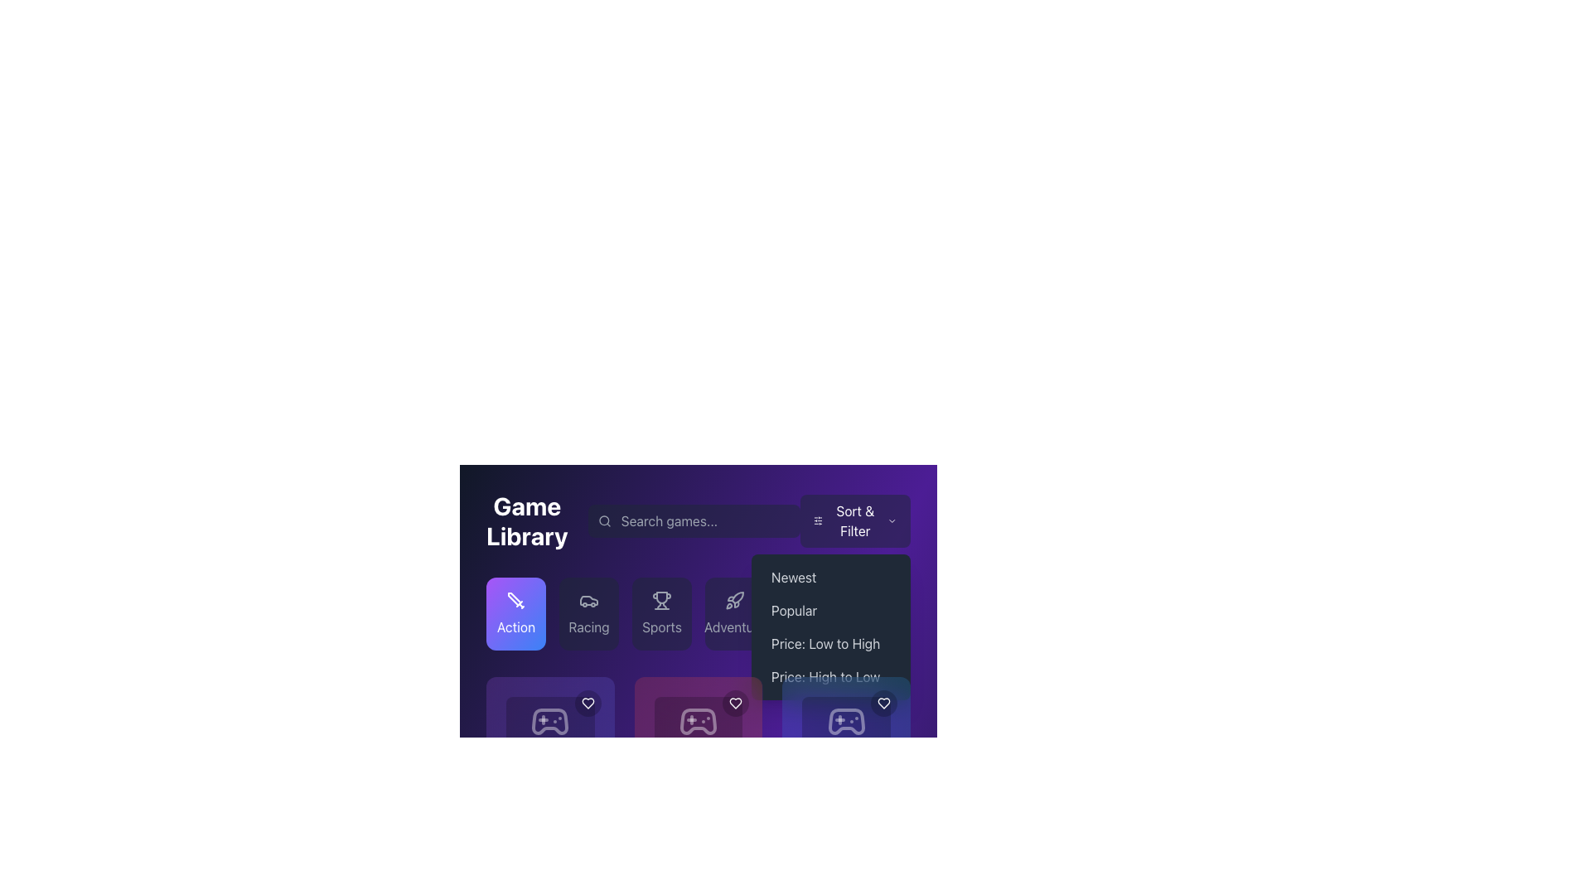 The width and height of the screenshot is (1591, 895). Describe the element at coordinates (588, 601) in the screenshot. I see `the car icon located at the top center of the 'Racing' button, which is part of a group of category buttons including 'Action', 'Sports', and 'Adventure'` at that location.